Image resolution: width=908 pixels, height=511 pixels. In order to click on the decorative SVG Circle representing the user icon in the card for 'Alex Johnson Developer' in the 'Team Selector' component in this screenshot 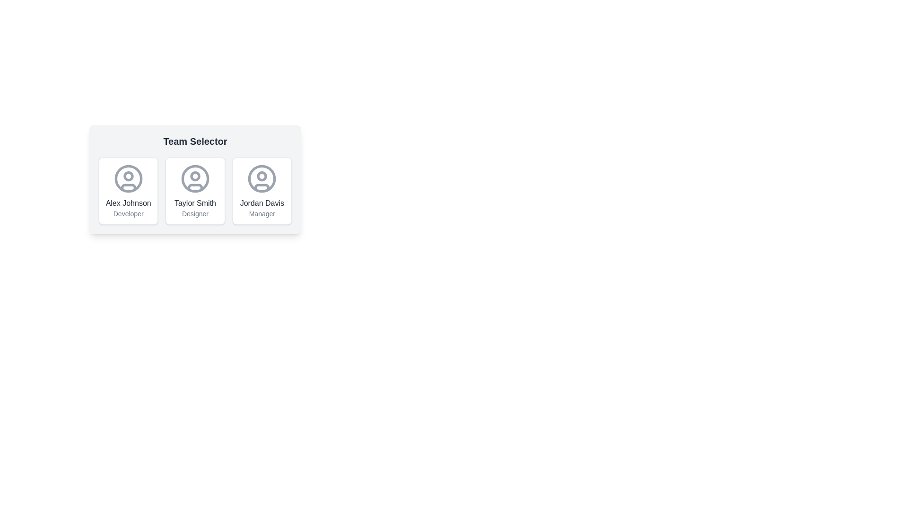, I will do `click(128, 176)`.